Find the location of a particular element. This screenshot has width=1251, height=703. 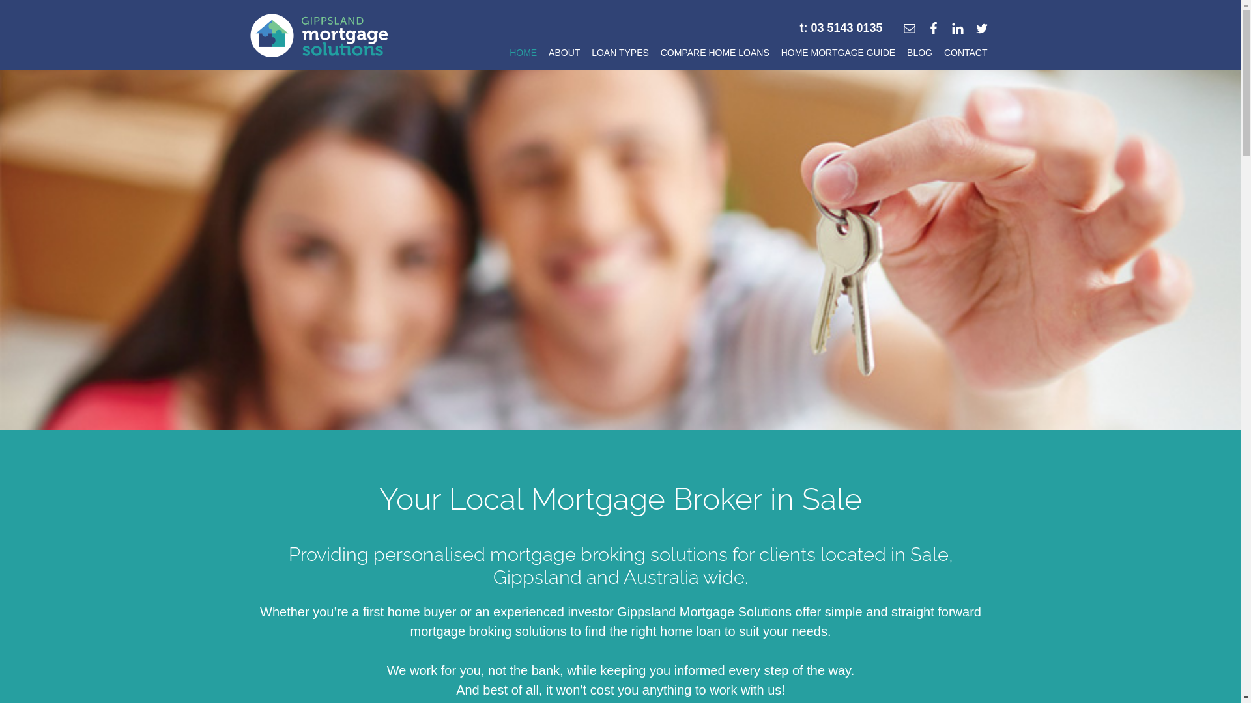

'03 5143 0135' is located at coordinates (846, 27).